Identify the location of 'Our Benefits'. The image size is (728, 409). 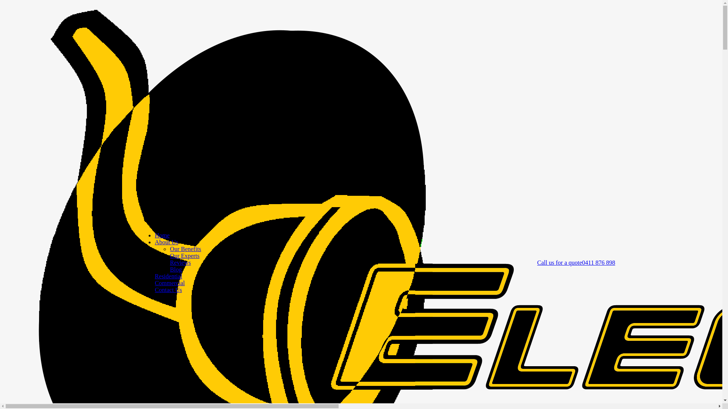
(185, 249).